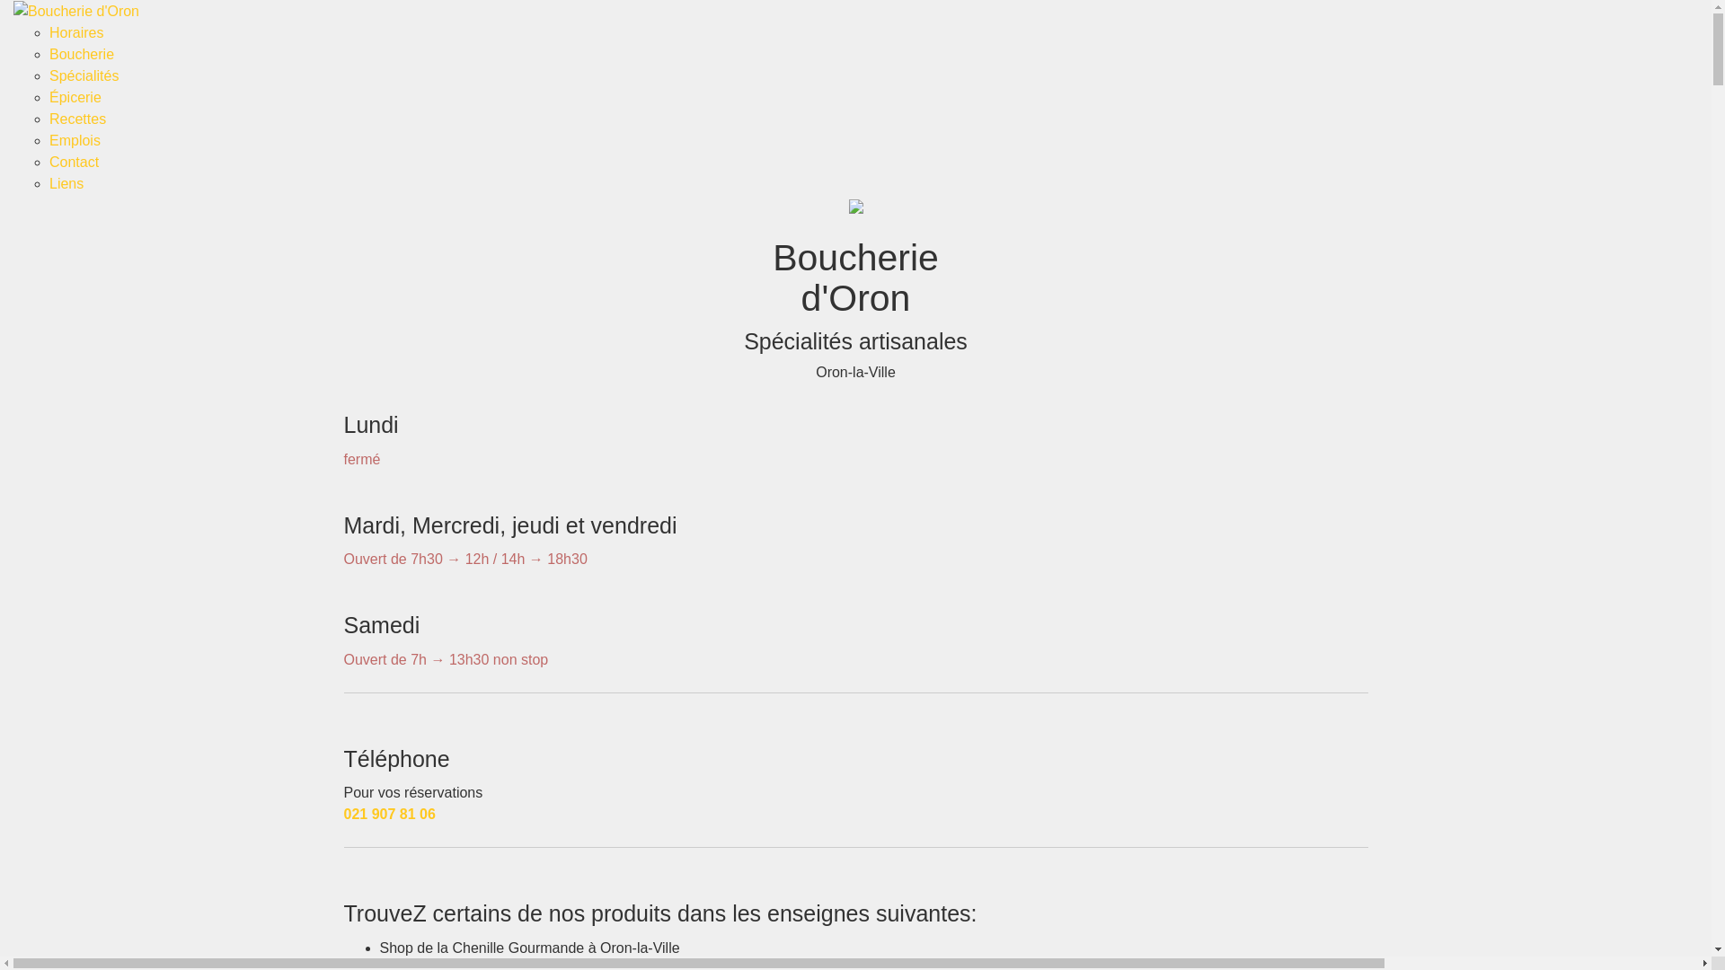 The image size is (1725, 970). I want to click on 'Liens', so click(66, 183).